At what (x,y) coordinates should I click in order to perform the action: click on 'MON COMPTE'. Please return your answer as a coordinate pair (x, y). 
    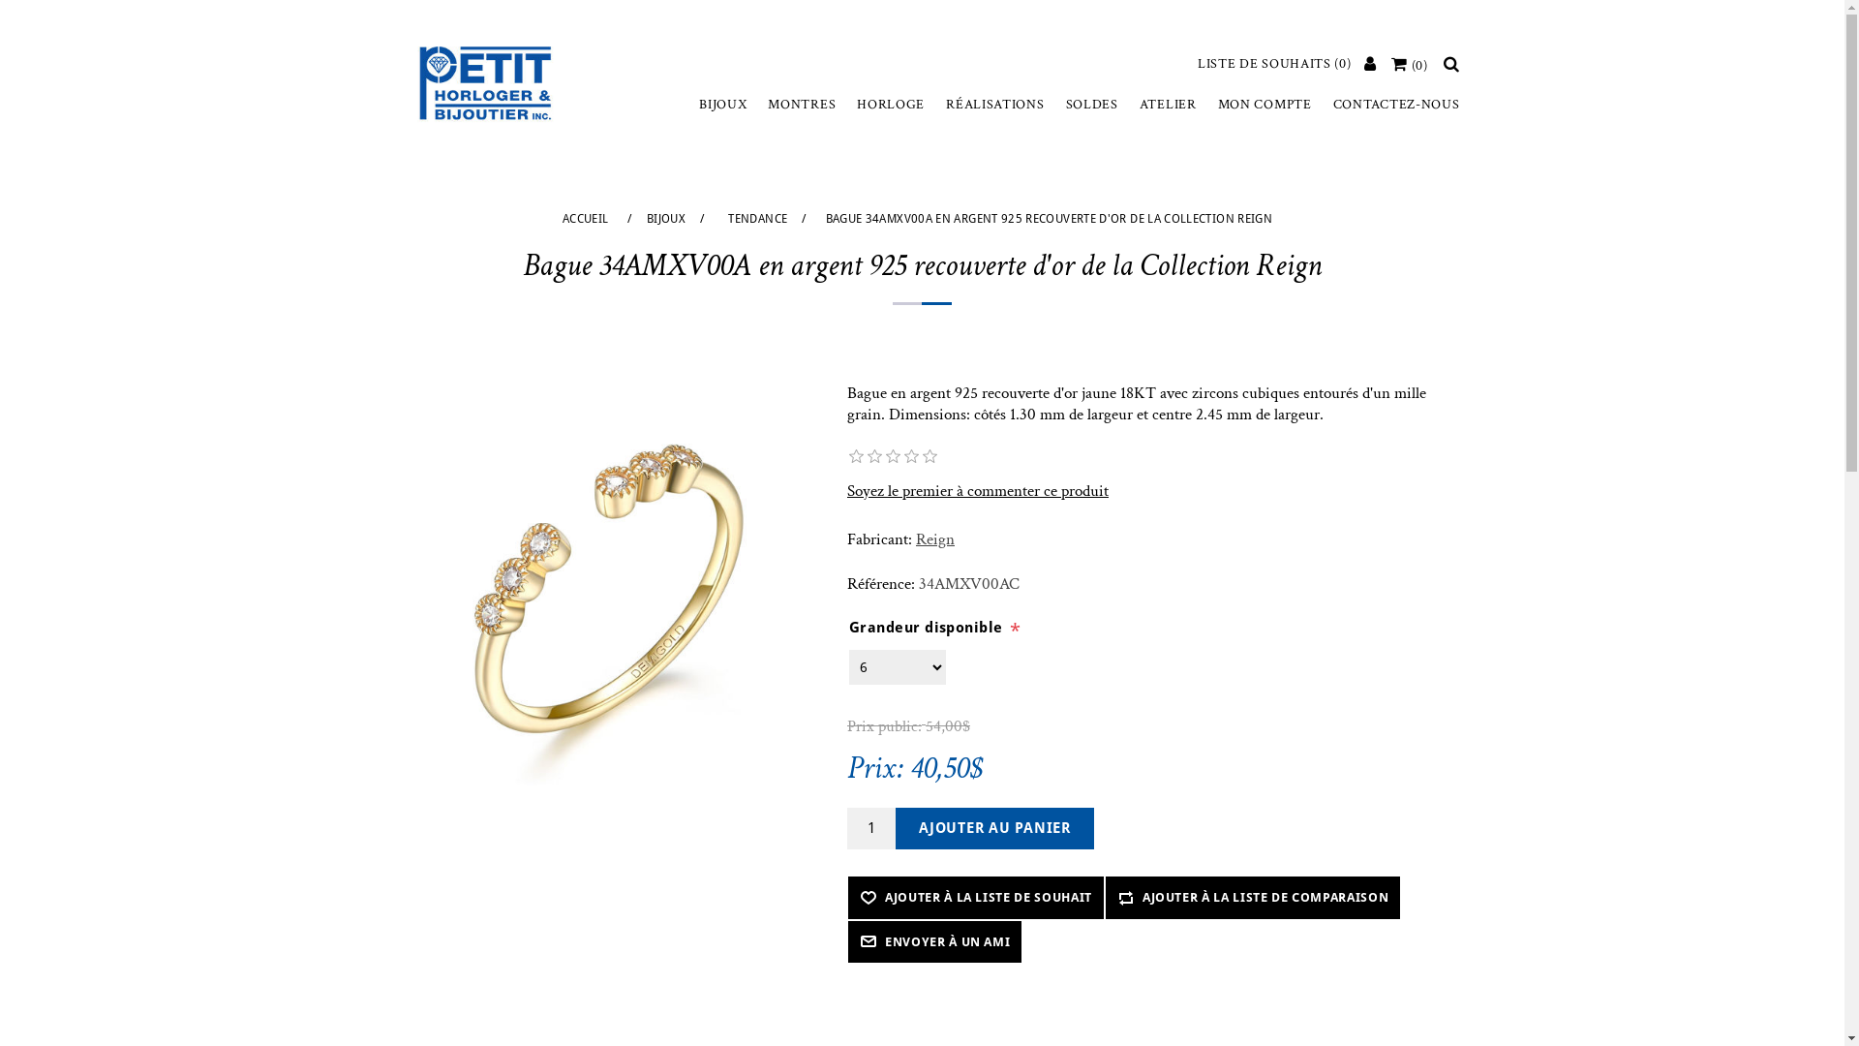
    Looking at the image, I should click on (1265, 105).